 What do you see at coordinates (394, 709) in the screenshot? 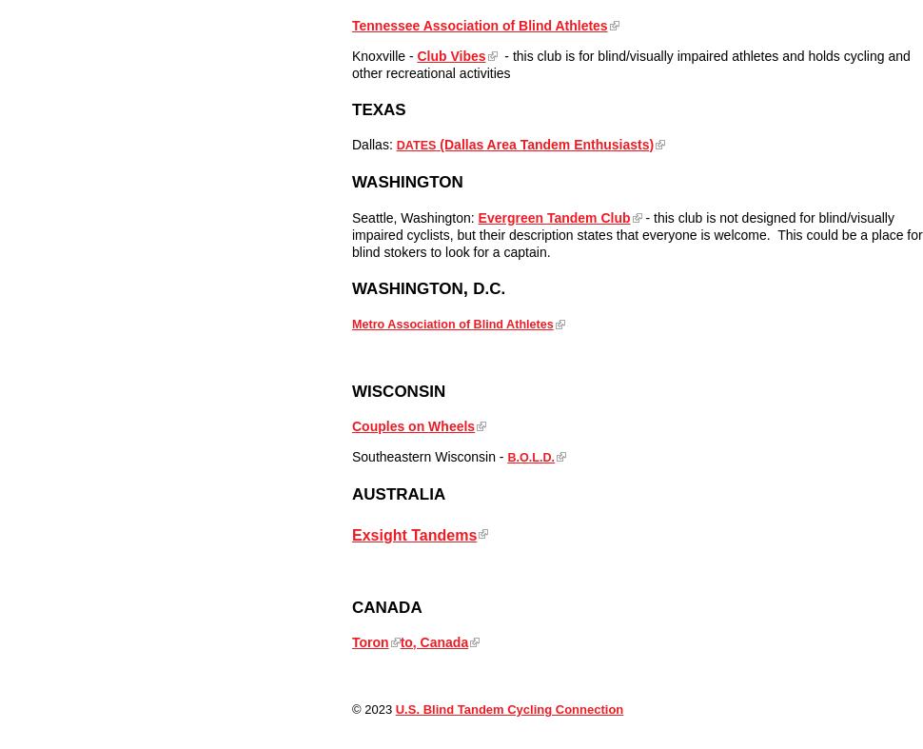
I see `'U.S. Blind Tandem Cycling Connection'` at bounding box center [394, 709].